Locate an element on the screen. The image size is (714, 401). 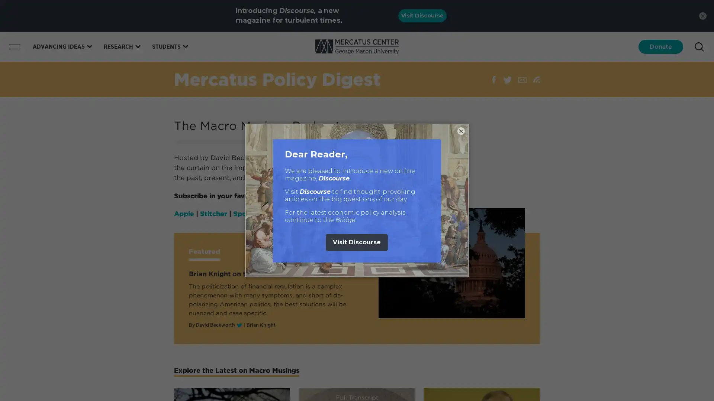
show search is located at coordinates (699, 47).